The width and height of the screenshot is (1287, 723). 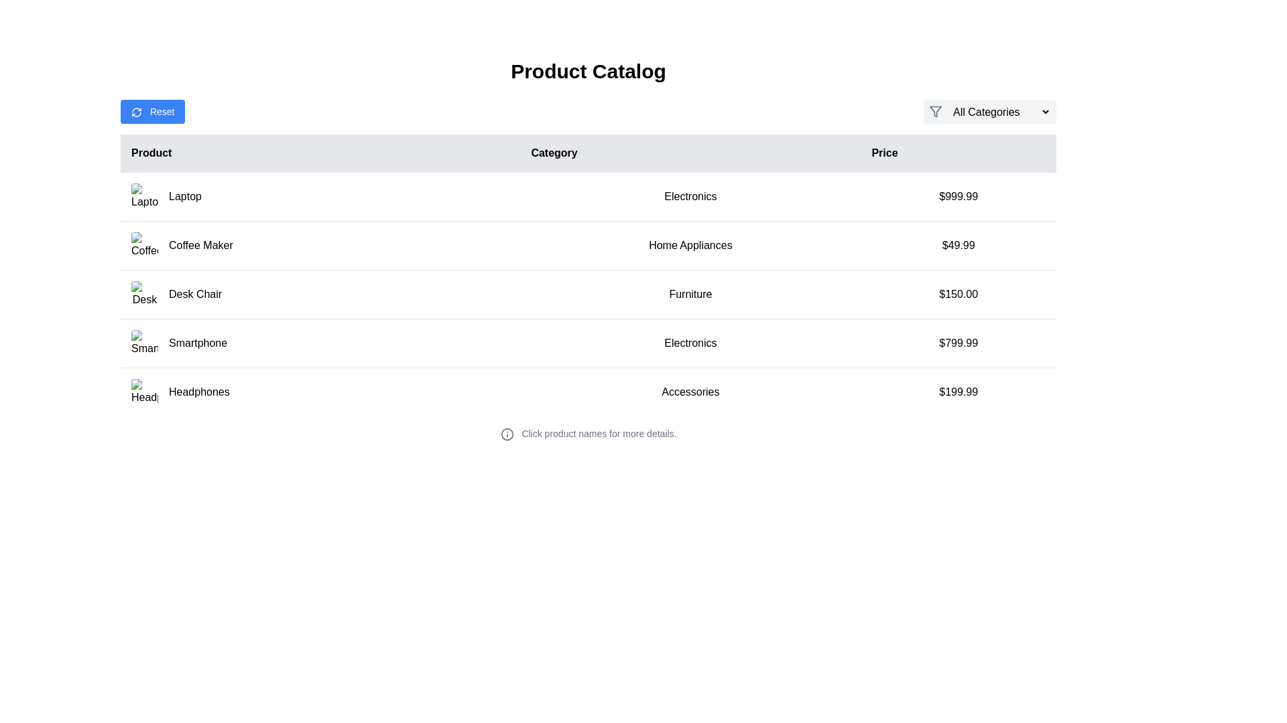 I want to click on the SVG circle located at the center of the icon below the product listing in the user interface, so click(x=506, y=434).